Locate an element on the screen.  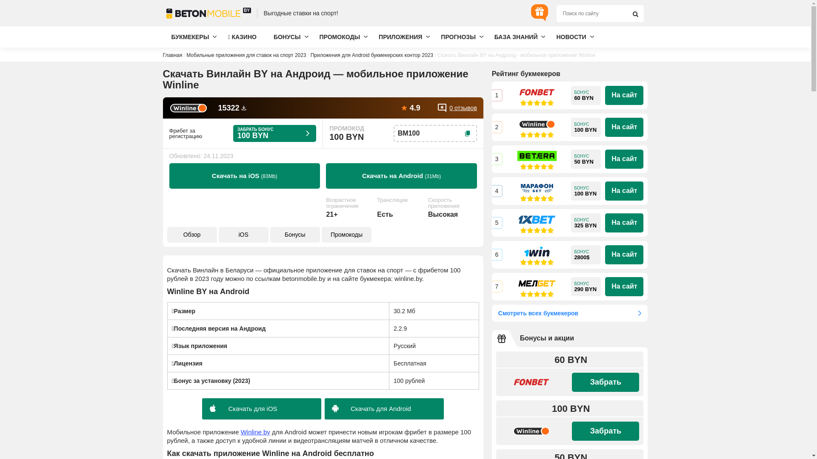
'290 BYN' is located at coordinates (571, 286).